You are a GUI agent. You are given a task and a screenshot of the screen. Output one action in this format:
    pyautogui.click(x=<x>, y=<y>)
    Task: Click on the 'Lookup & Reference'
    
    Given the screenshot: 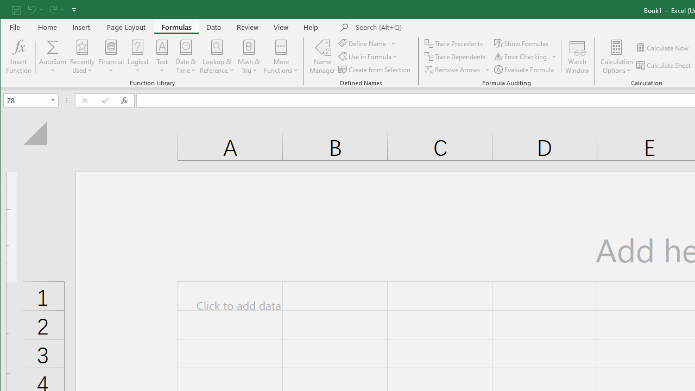 What is the action you would take?
    pyautogui.click(x=217, y=56)
    